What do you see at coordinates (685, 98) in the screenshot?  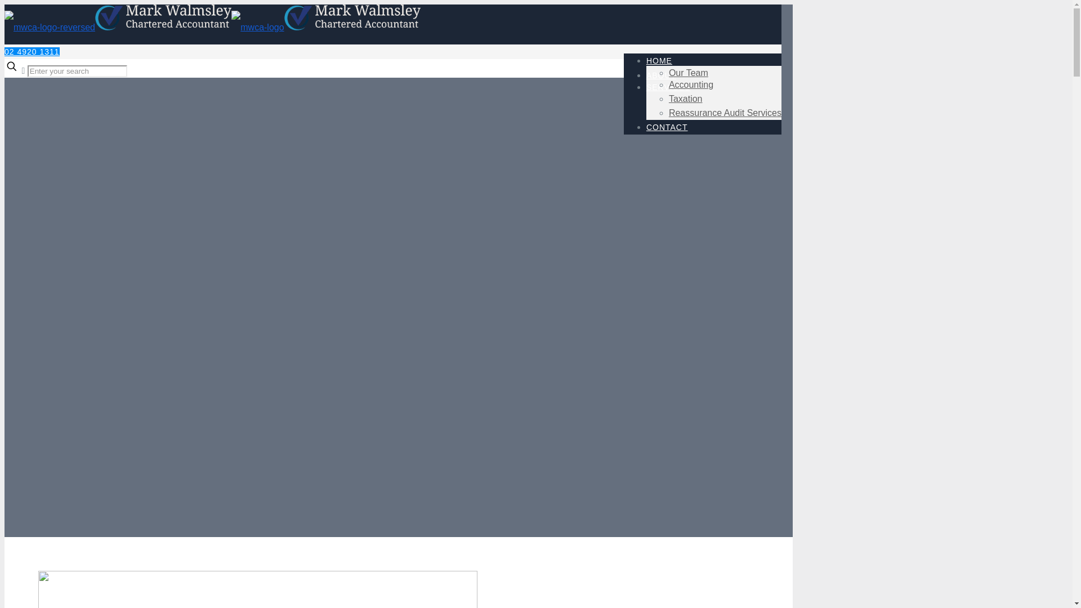 I see `'Taxation'` at bounding box center [685, 98].